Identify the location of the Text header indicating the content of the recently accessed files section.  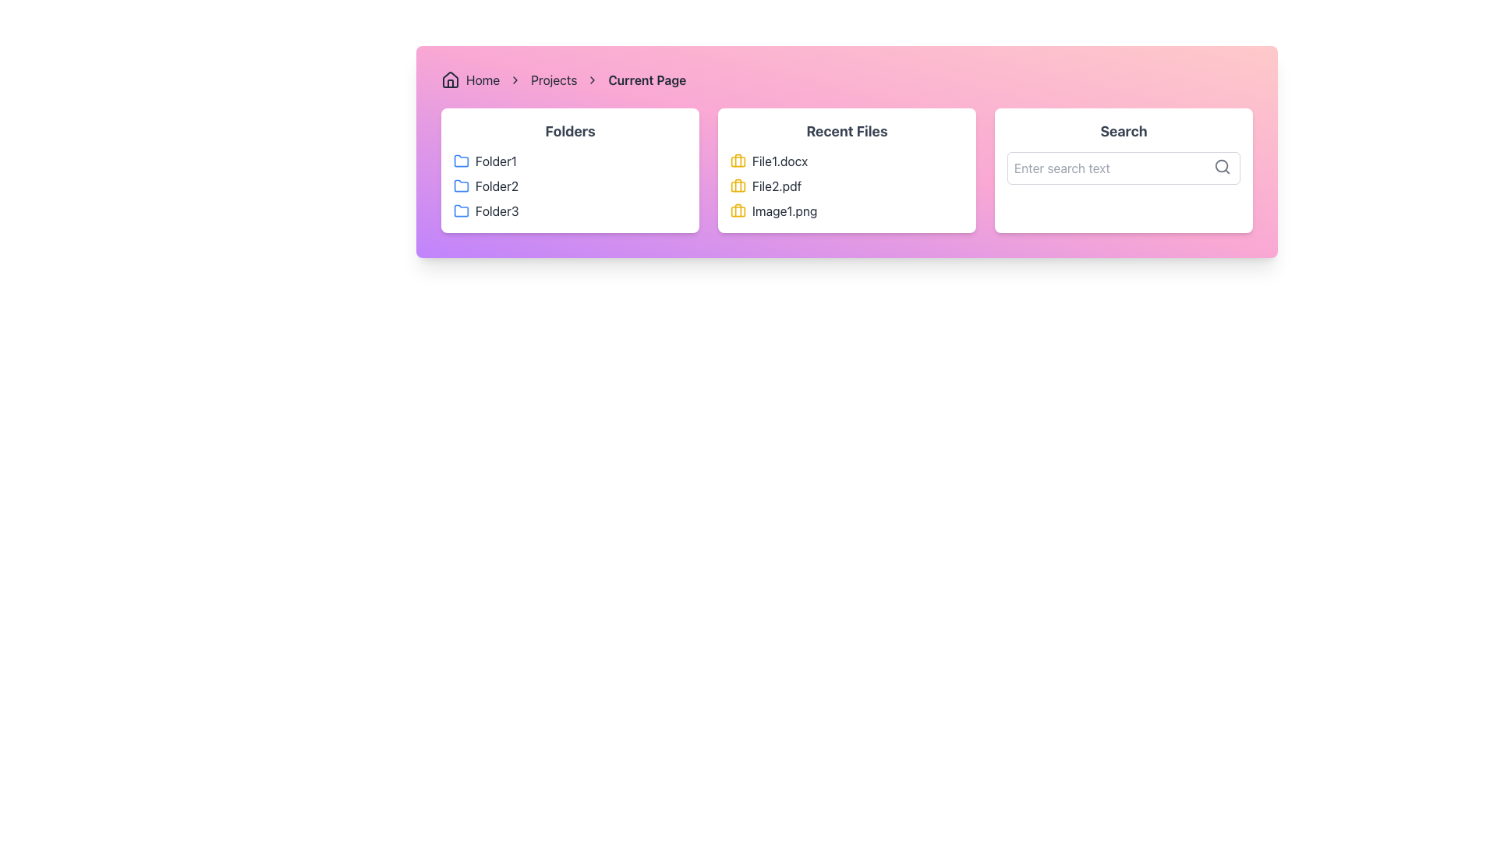
(846, 131).